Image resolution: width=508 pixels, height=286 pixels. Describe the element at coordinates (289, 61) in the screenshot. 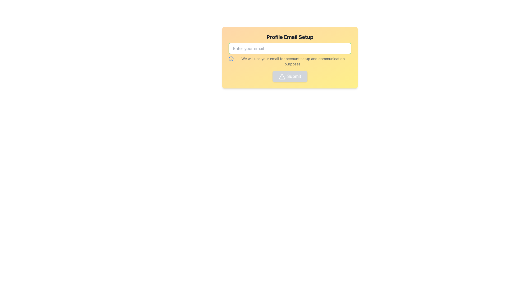

I see `text contents of the Text Block with Icon located directly below the 'Enter your email' input field and above the 'Submit' button` at that location.